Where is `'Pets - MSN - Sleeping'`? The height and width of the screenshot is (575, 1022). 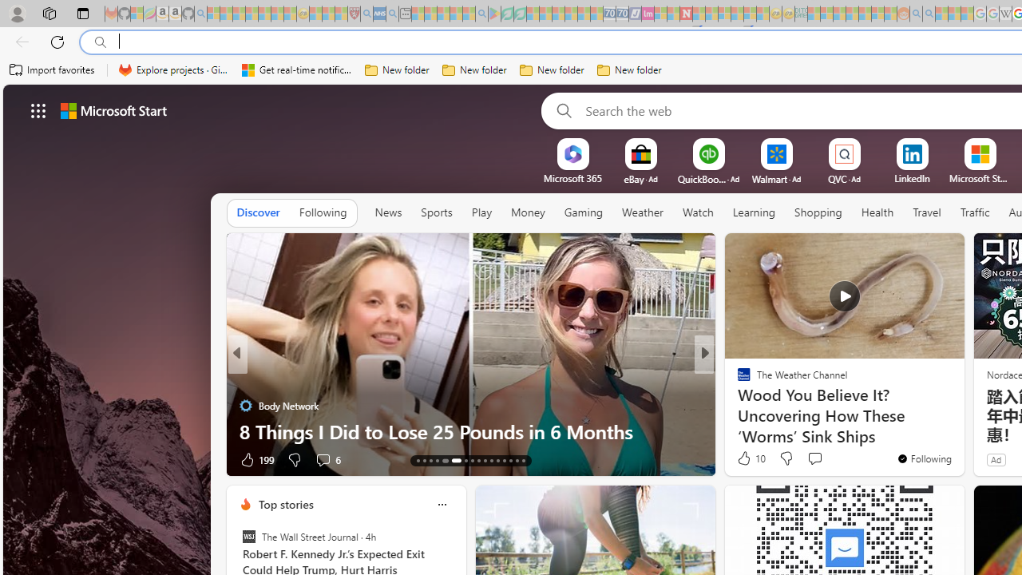
'Pets - MSN - Sleeping' is located at coordinates (455, 14).